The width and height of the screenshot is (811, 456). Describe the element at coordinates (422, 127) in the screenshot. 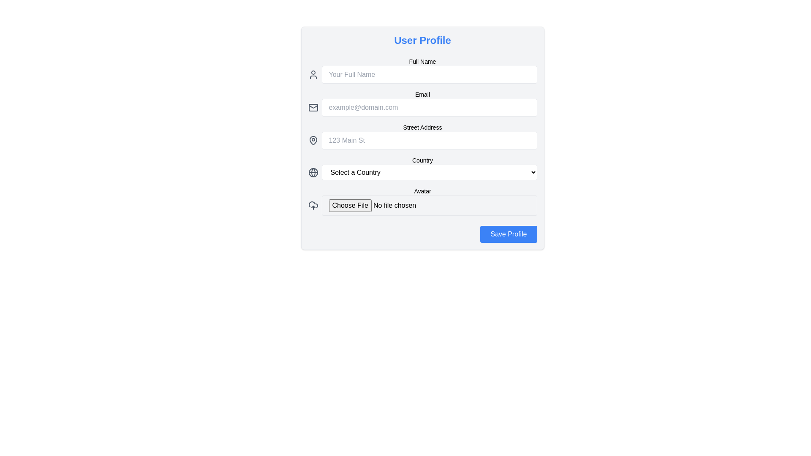

I see `the descriptive label for the street address input field, which is positioned above the address input box and to the right of the address icon` at that location.